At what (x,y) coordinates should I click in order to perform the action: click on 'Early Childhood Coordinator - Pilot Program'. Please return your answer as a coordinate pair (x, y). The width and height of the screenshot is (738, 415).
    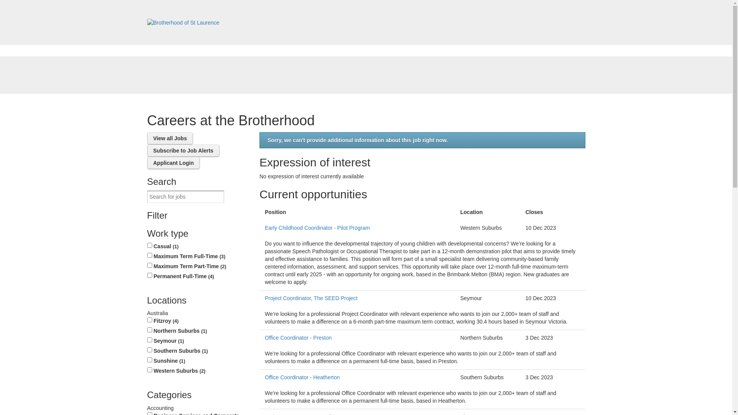
    Looking at the image, I should click on (357, 227).